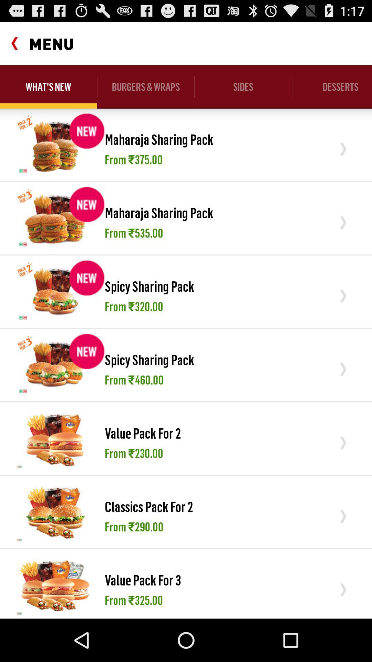 The height and width of the screenshot is (662, 372). Describe the element at coordinates (55, 512) in the screenshot. I see `the icon next to the classics pack for item` at that location.